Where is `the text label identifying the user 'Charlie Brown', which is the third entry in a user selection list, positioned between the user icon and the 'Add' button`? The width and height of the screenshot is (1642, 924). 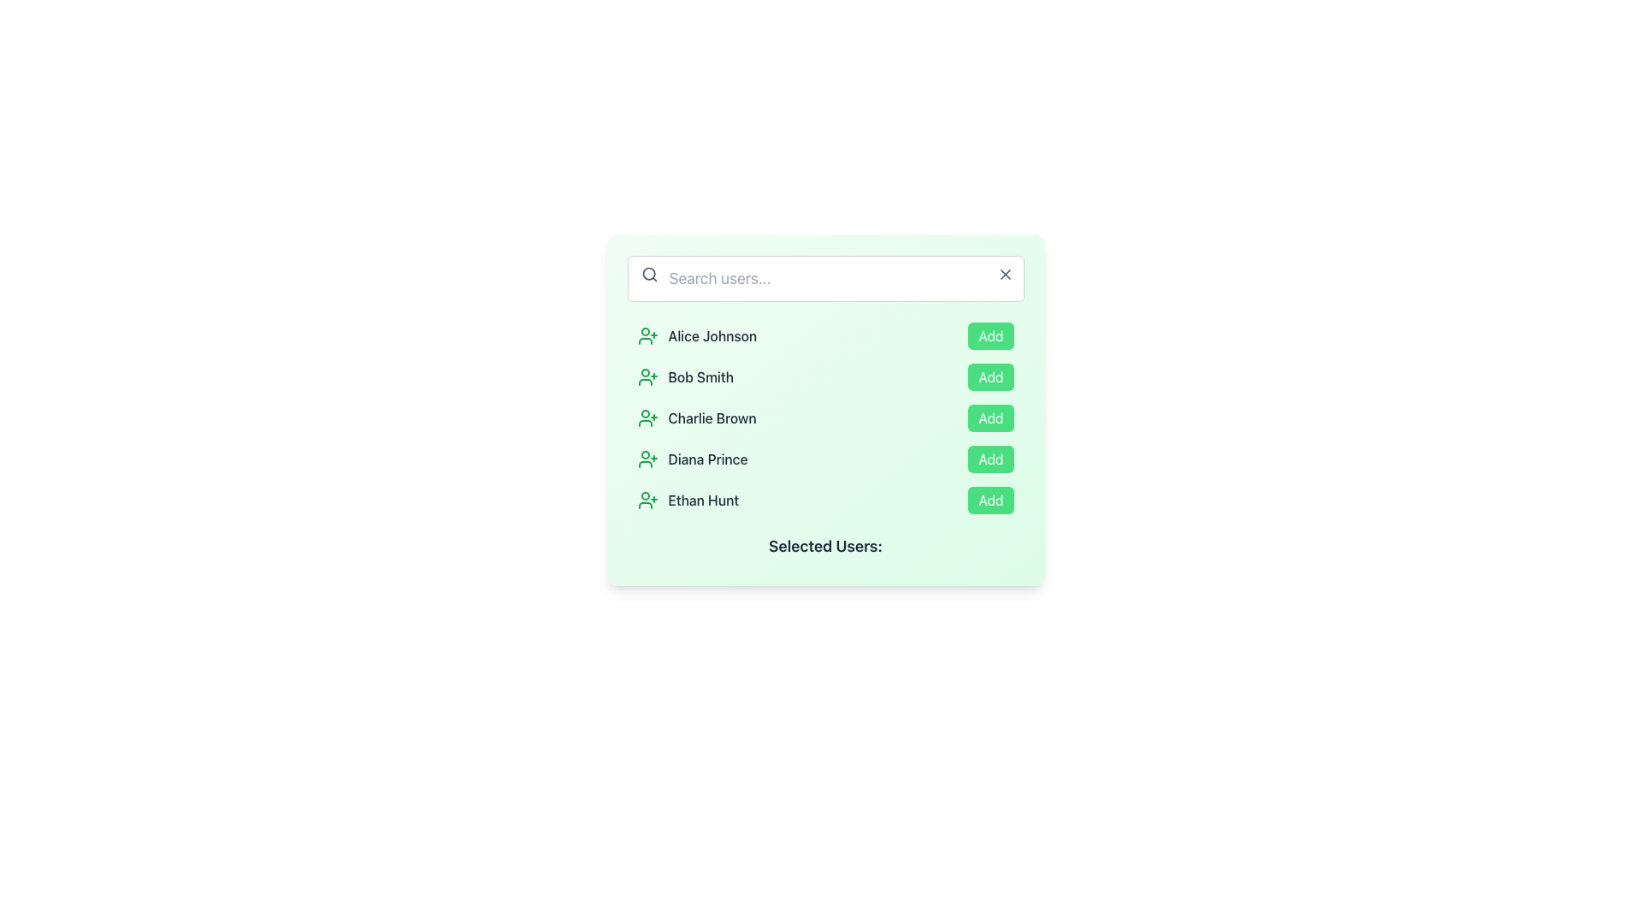
the text label identifying the user 'Charlie Brown', which is the third entry in a user selection list, positioned between the user icon and the 'Add' button is located at coordinates (712, 418).